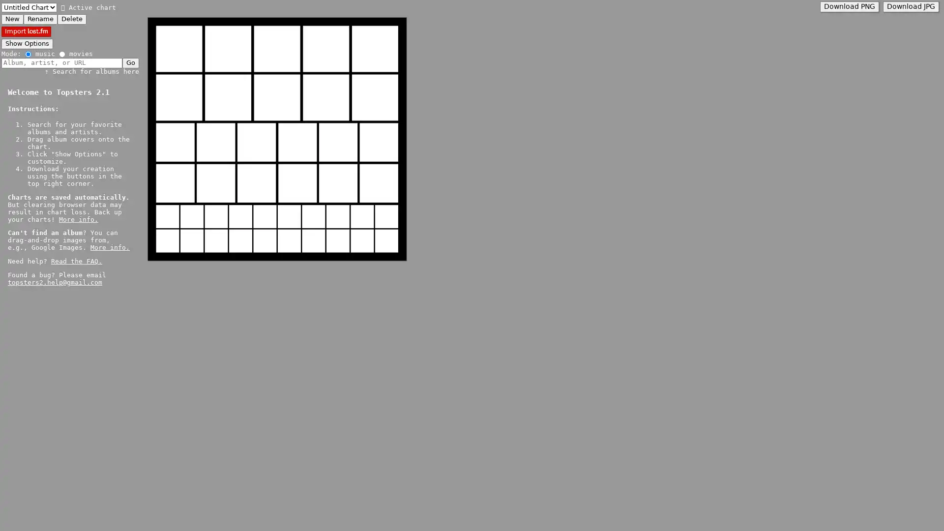 The image size is (944, 531). What do you see at coordinates (910, 6) in the screenshot?
I see `Download JPG` at bounding box center [910, 6].